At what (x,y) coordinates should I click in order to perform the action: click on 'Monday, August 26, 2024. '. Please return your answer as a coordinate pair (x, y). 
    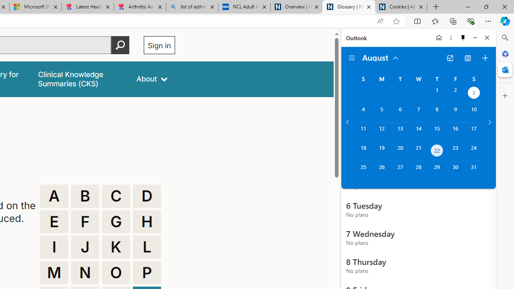
    Looking at the image, I should click on (381, 170).